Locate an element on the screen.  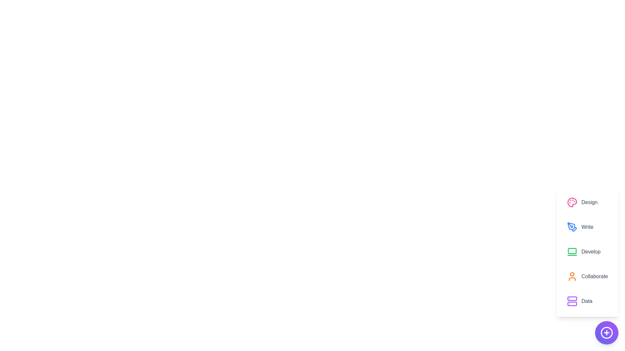
the main floating action button to toggle the panel is located at coordinates (606, 332).